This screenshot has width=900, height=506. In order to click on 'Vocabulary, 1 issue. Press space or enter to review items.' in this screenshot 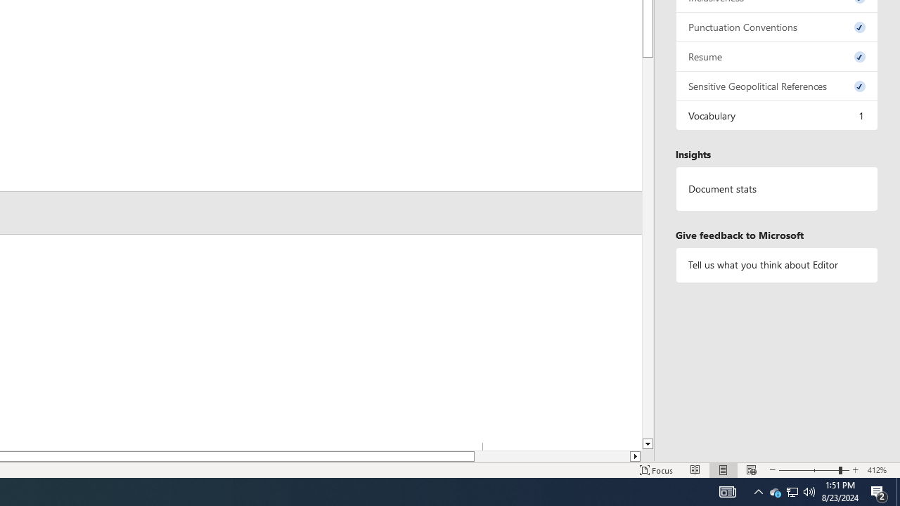, I will do `click(776, 115)`.